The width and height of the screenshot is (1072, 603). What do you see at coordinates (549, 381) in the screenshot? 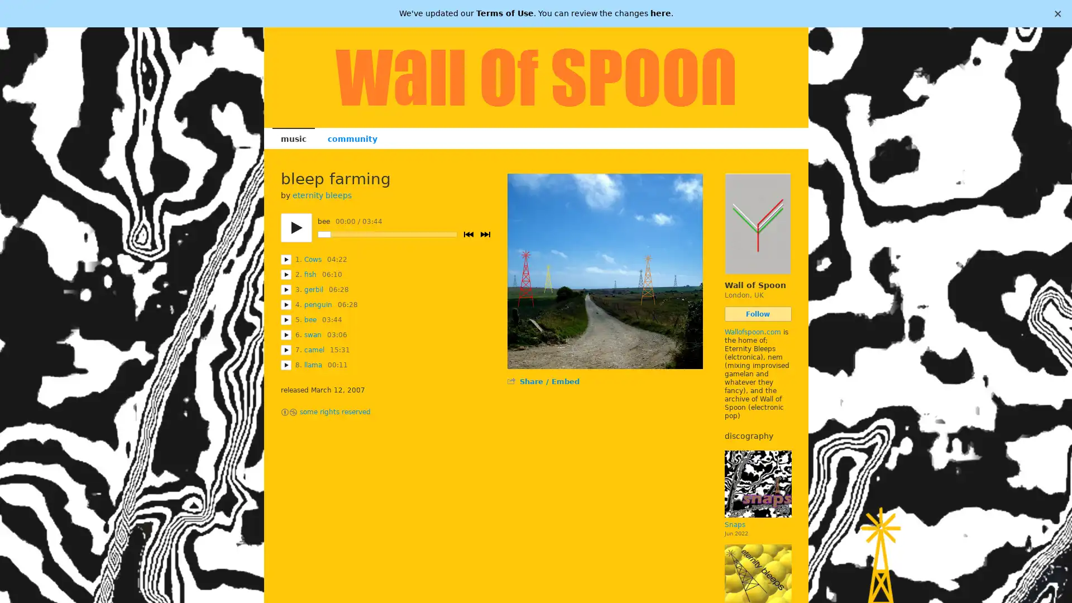
I see `Share / Embed` at bounding box center [549, 381].